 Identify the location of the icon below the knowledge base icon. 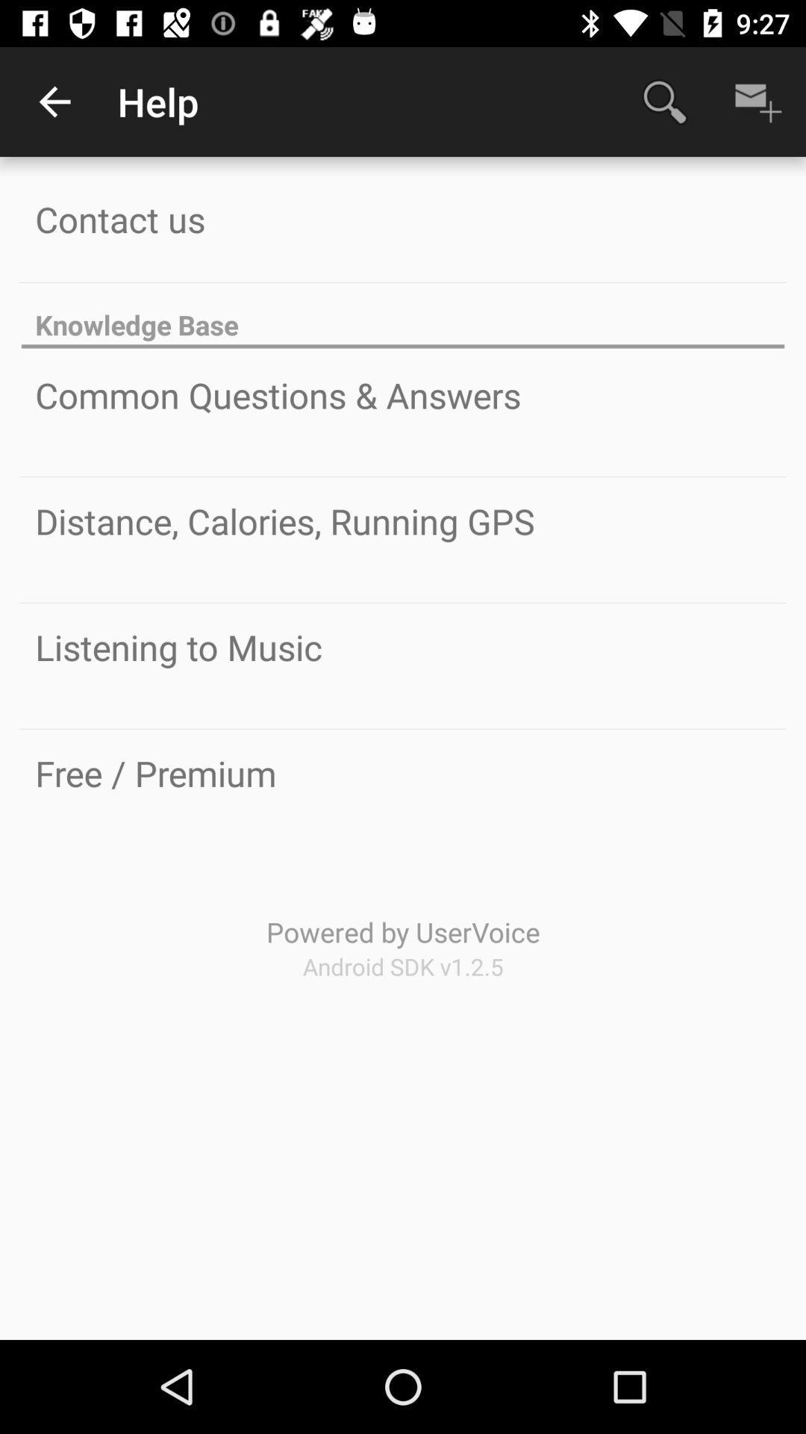
(278, 395).